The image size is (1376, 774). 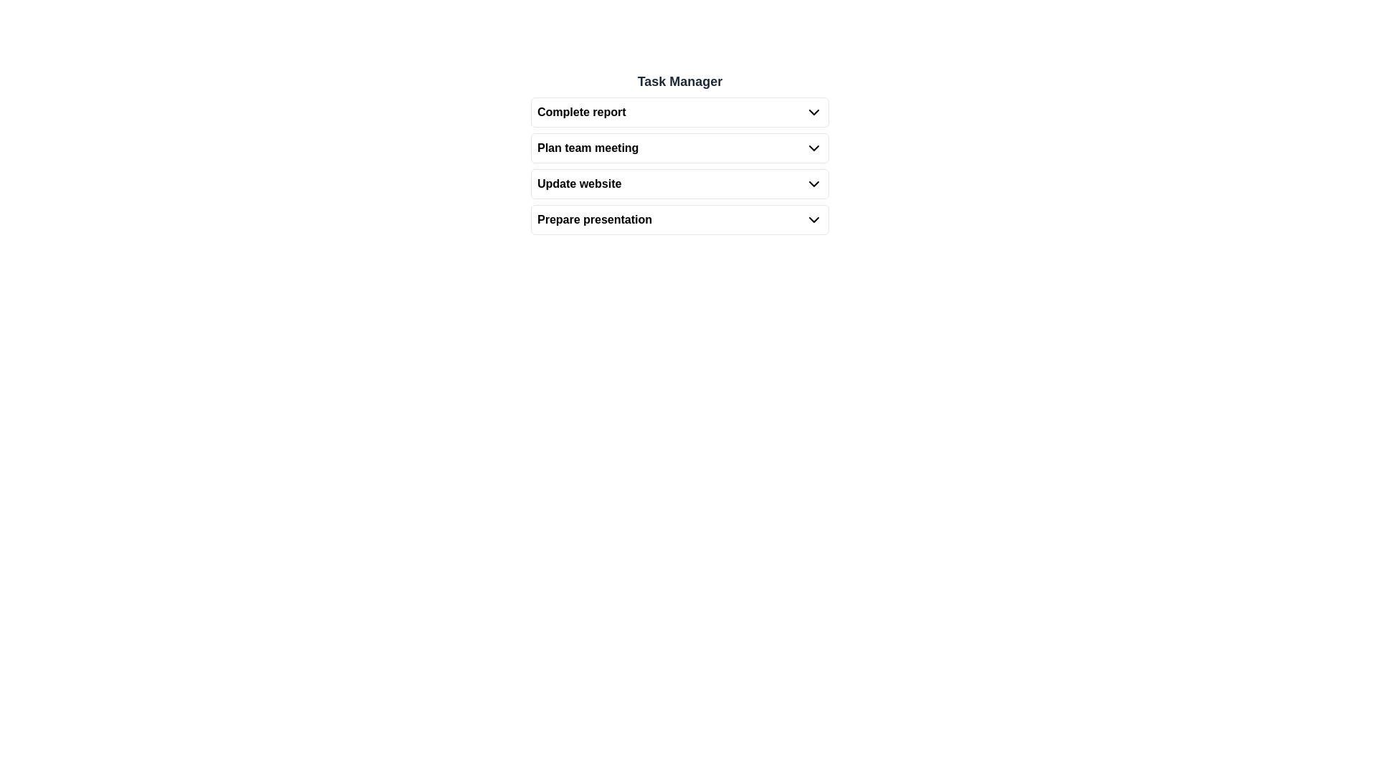 I want to click on the text label displaying 'Prepare presentation' in bold font style, emphasized with a black font color, located in the fourth row of the Task Manager list, so click(x=595, y=220).